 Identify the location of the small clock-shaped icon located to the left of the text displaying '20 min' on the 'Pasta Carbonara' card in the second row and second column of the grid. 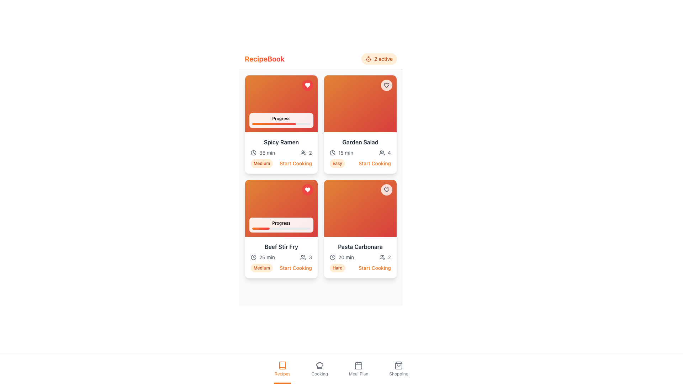
(332, 257).